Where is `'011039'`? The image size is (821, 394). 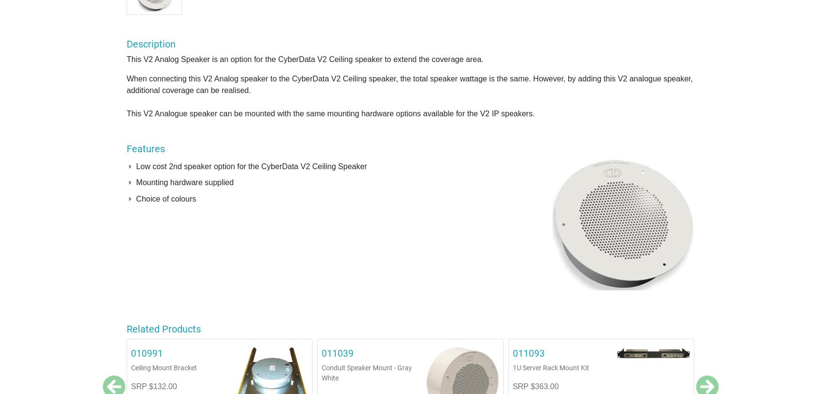
'011039' is located at coordinates (337, 353).